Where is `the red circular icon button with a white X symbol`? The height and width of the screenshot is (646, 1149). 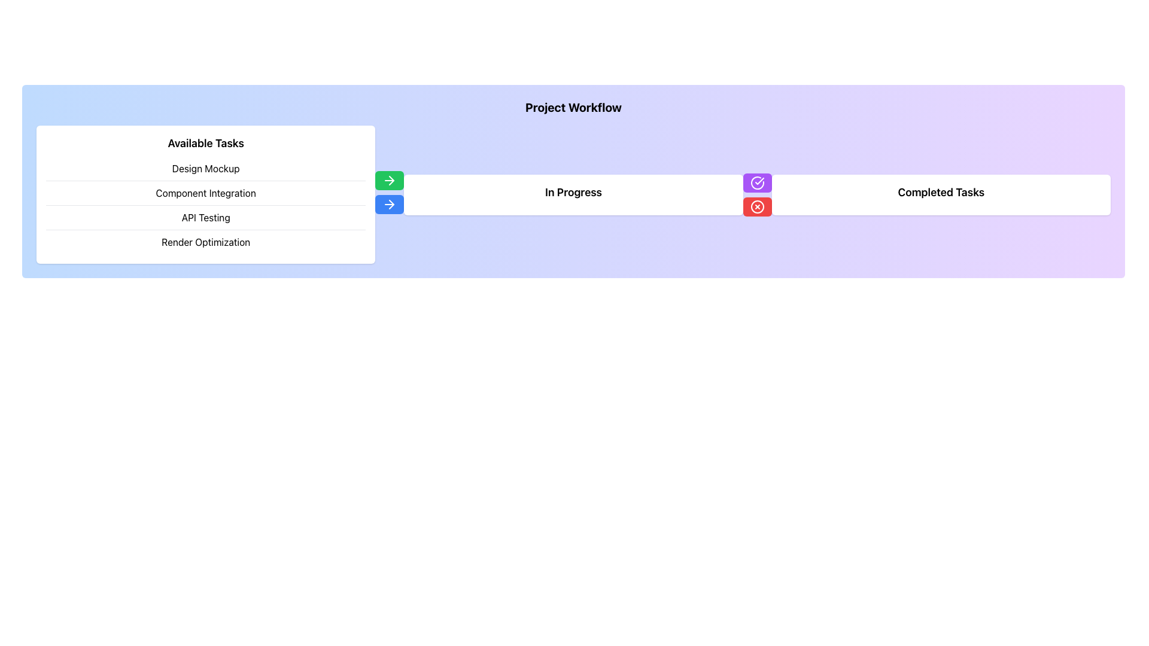
the red circular icon button with a white X symbol is located at coordinates (756, 206).